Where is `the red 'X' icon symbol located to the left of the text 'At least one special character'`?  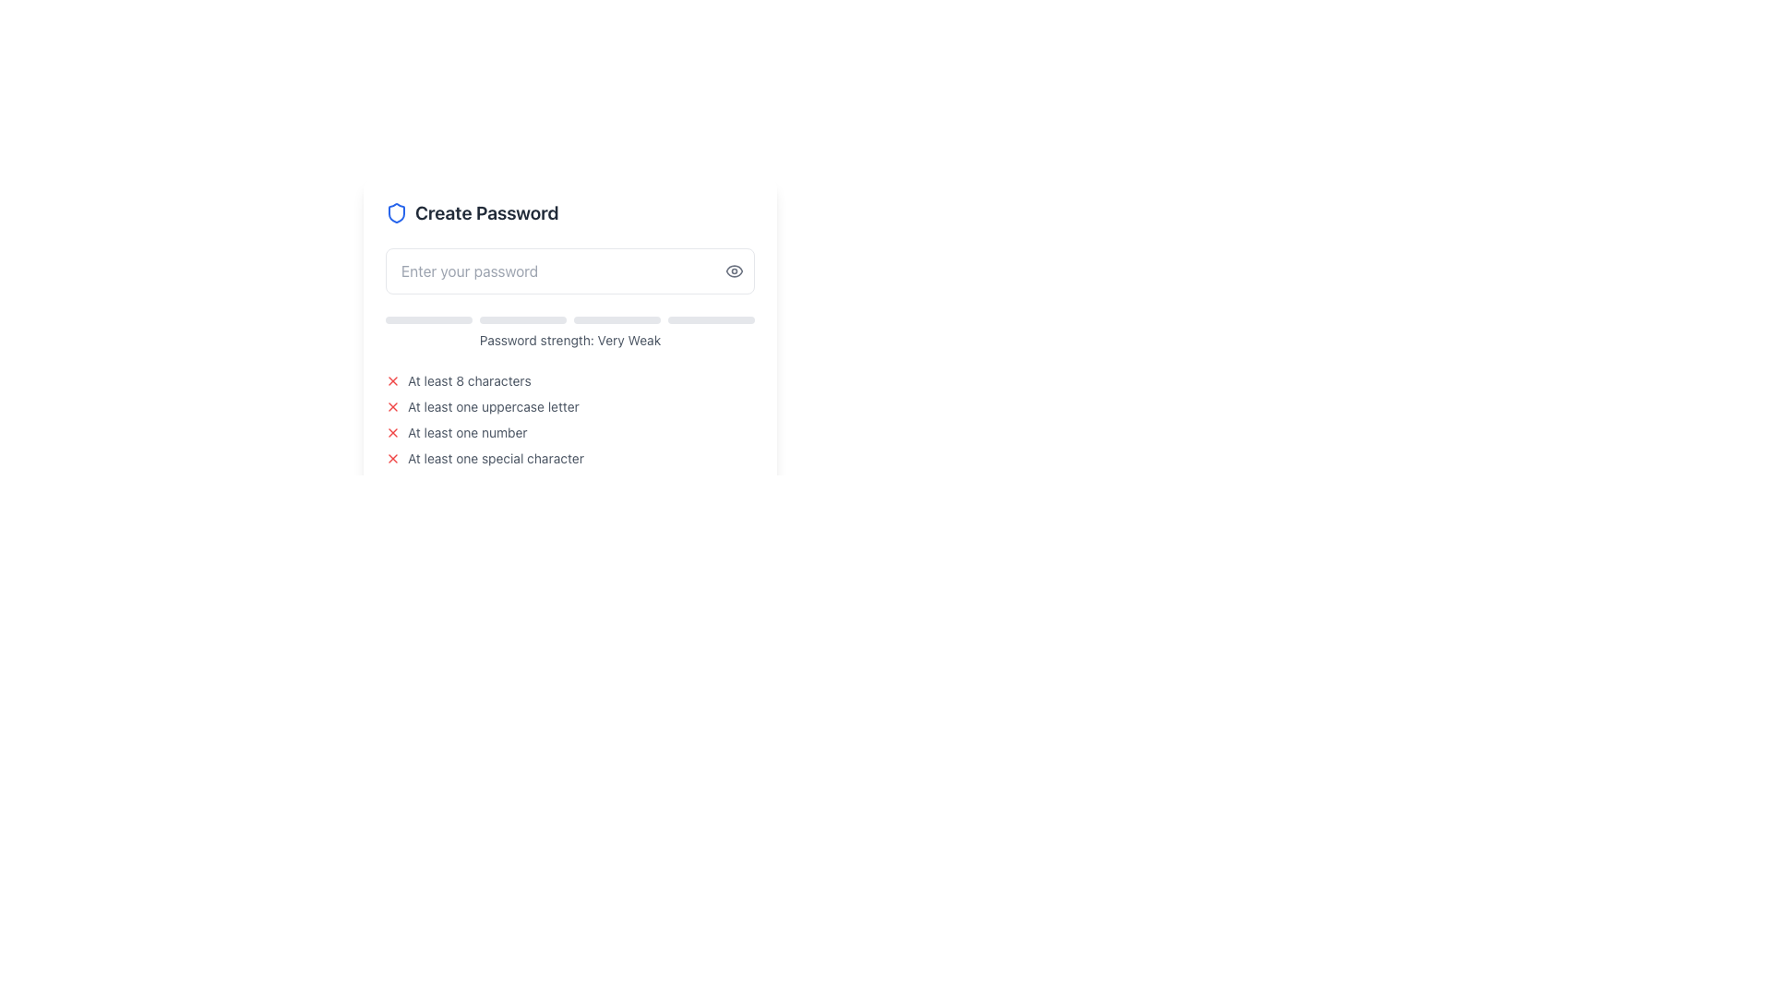 the red 'X' icon symbol located to the left of the text 'At least one special character' is located at coordinates (392, 458).